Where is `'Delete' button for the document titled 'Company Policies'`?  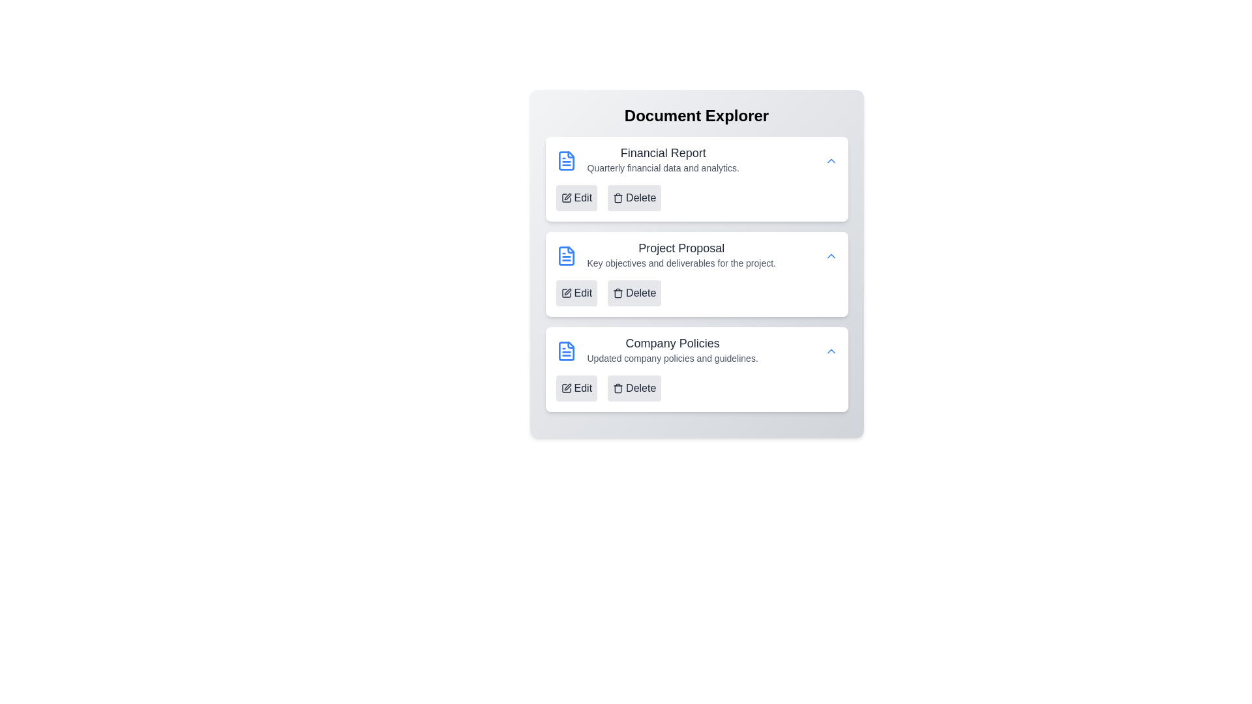 'Delete' button for the document titled 'Company Policies' is located at coordinates (634, 388).